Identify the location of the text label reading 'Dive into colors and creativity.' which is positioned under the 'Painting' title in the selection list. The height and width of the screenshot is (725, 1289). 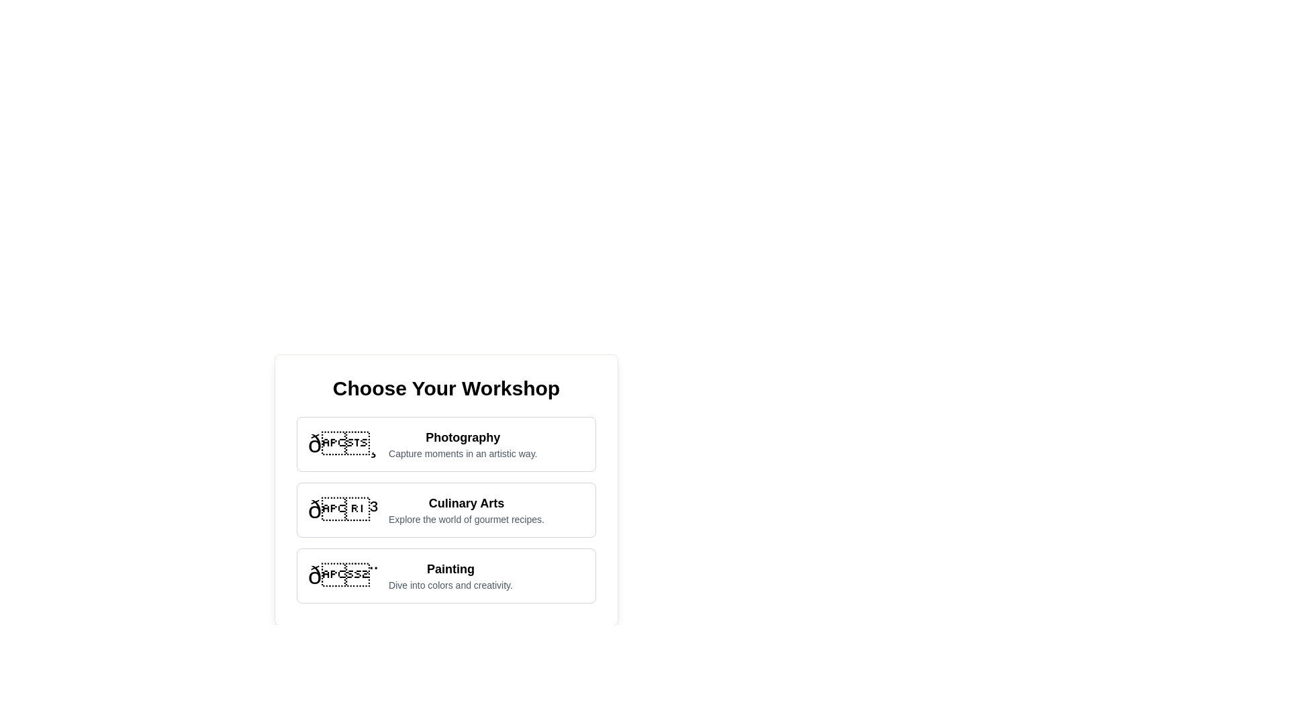
(450, 584).